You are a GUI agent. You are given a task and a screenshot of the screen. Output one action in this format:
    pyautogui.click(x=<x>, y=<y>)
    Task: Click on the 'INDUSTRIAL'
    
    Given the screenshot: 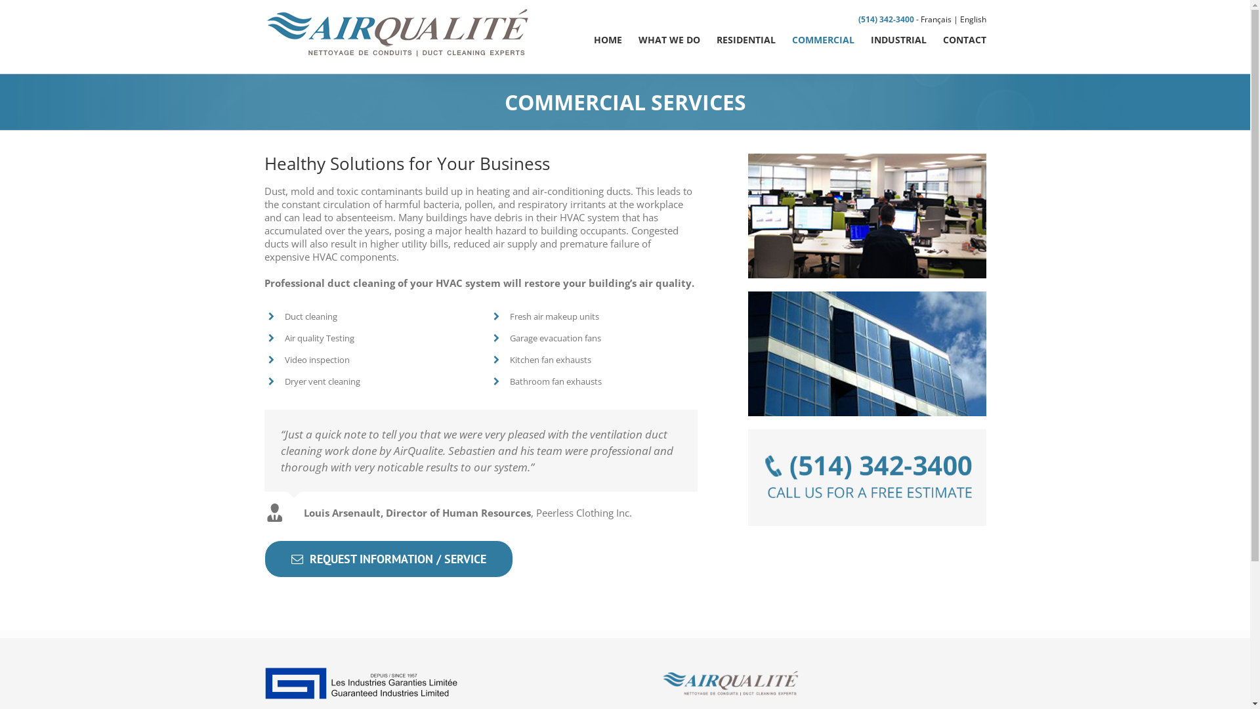 What is the action you would take?
    pyautogui.click(x=897, y=37)
    